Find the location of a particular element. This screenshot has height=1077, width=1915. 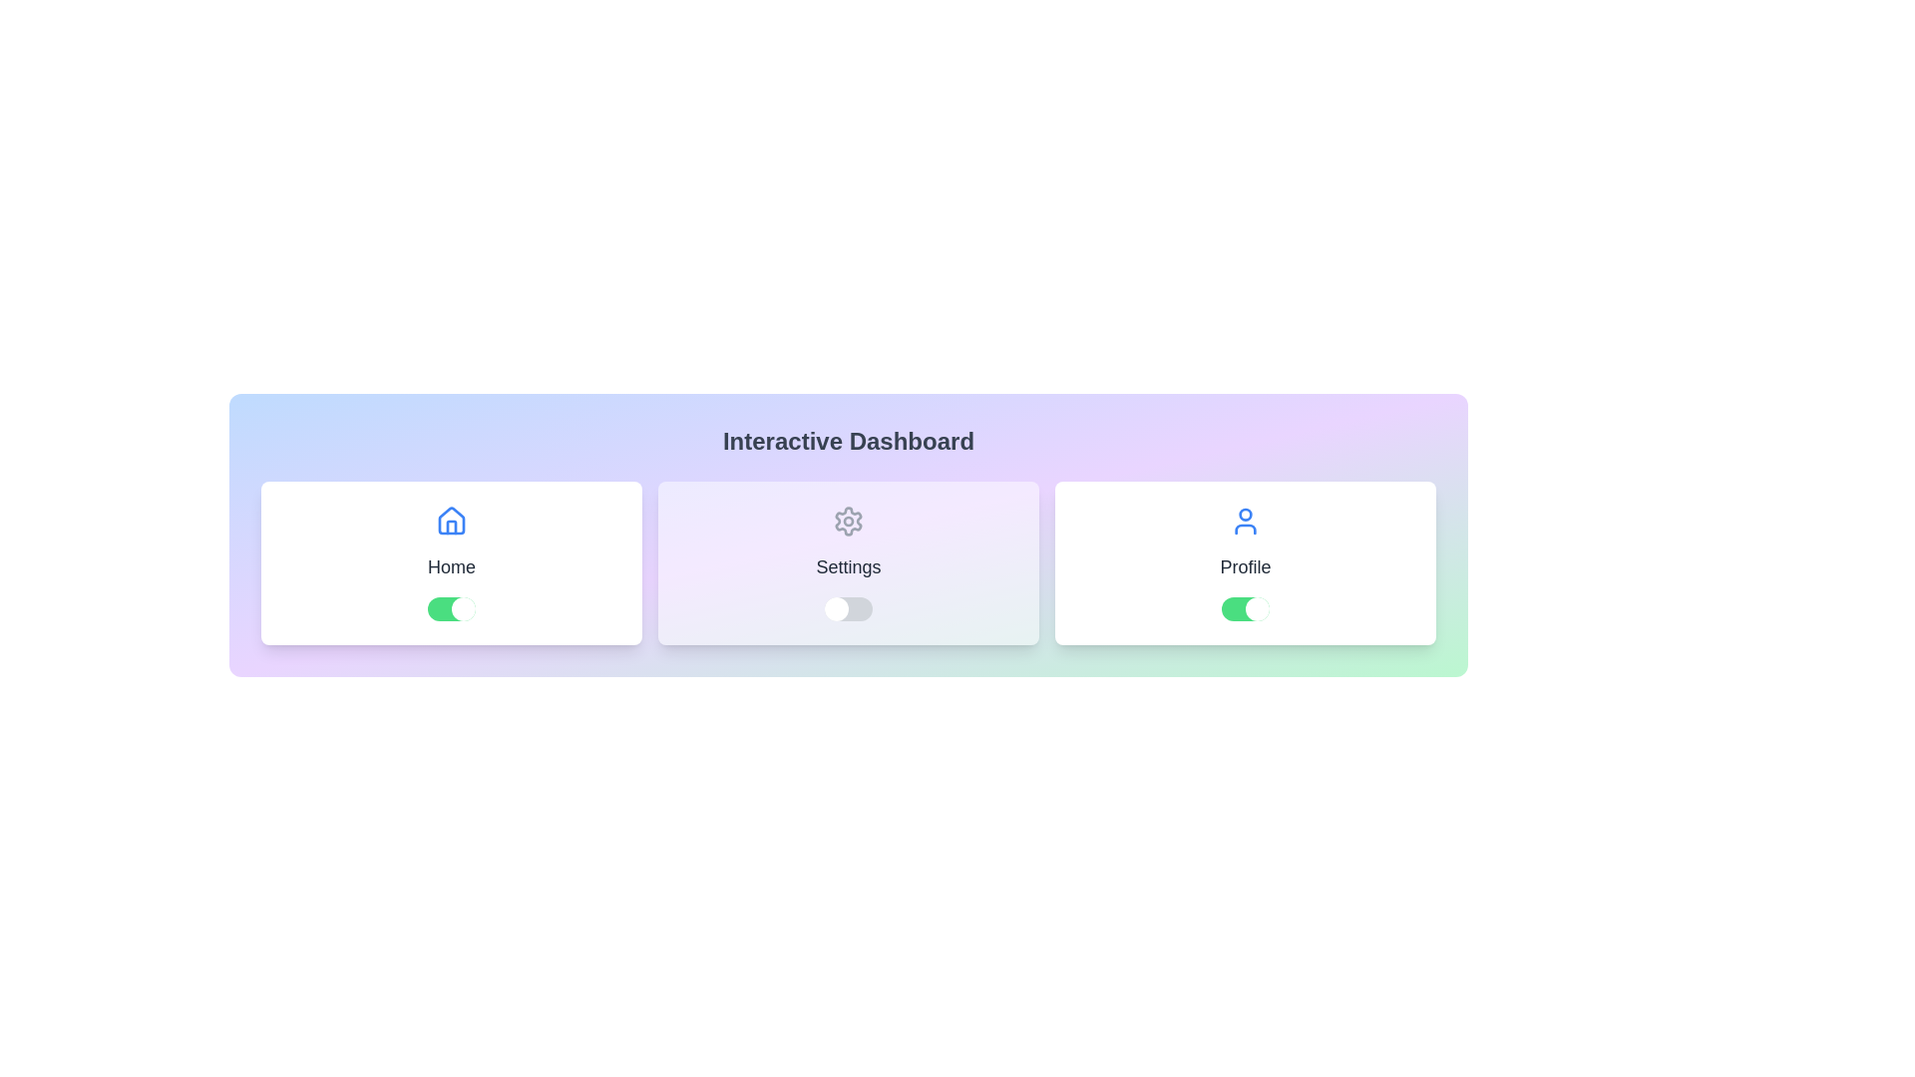

the icon representing the Profile option is located at coordinates (1244, 521).